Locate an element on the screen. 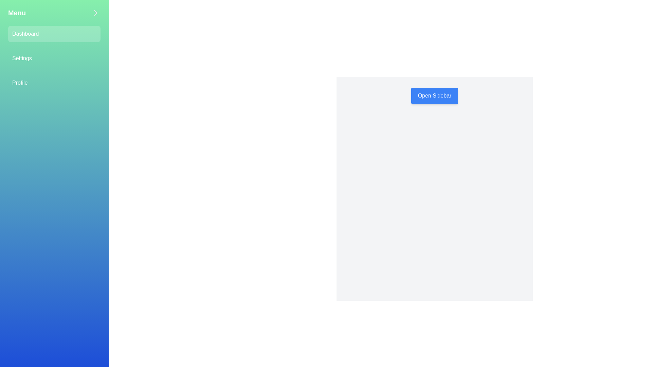  the menu option Settings in the sidebar to navigate to the respective section is located at coordinates (54, 58).